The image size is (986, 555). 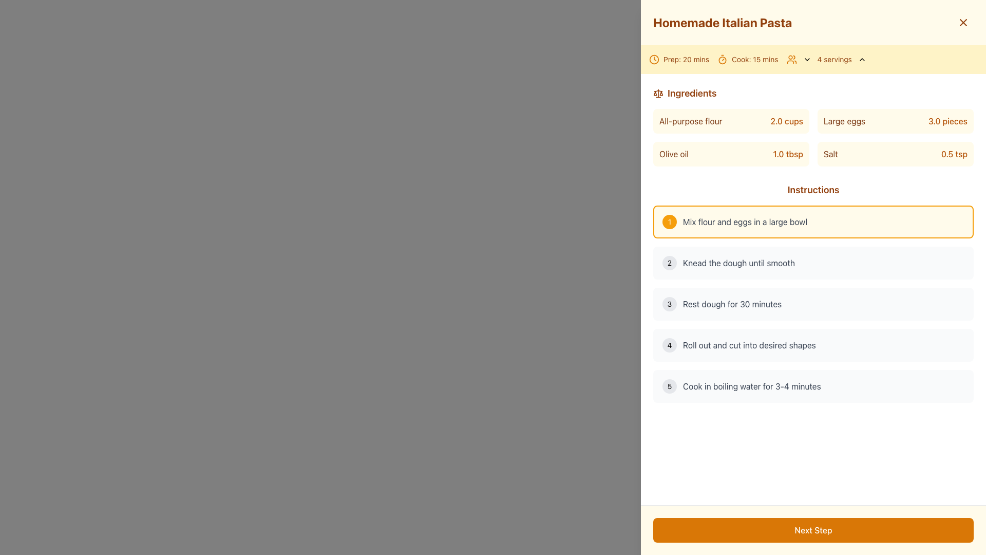 What do you see at coordinates (670, 303) in the screenshot?
I see `the circular step indicator containing the number '3'` at bounding box center [670, 303].